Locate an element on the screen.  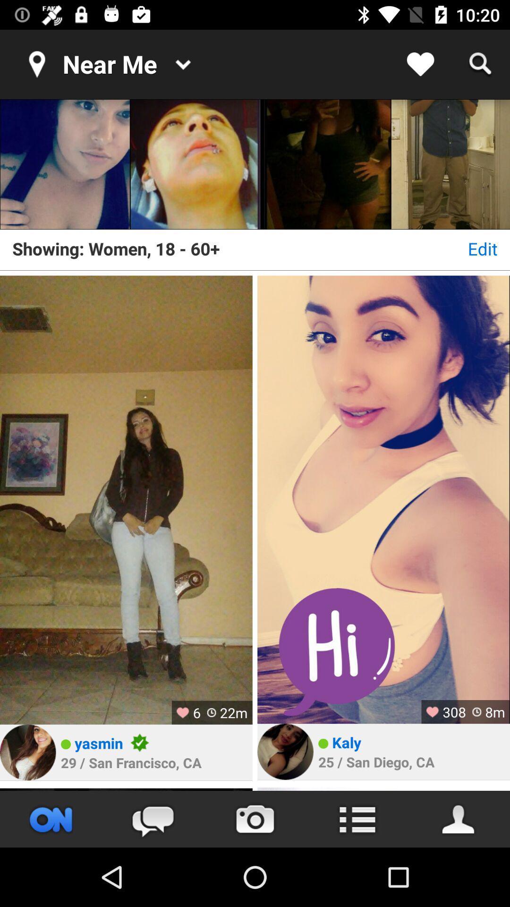
open yasmin profile is located at coordinates (27, 752).